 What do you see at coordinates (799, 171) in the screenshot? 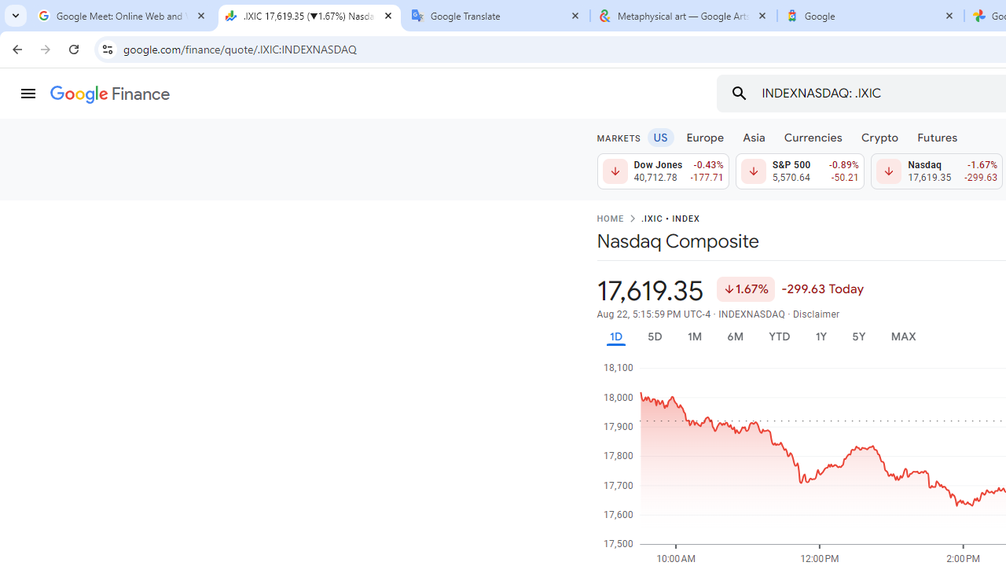
I see `'S&P 500 5,570.64 Down by 0.89% -50.21'` at bounding box center [799, 171].